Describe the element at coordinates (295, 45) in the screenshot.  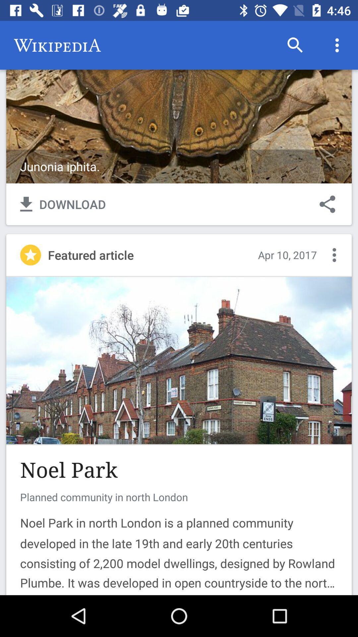
I see `the search button at top right` at that location.